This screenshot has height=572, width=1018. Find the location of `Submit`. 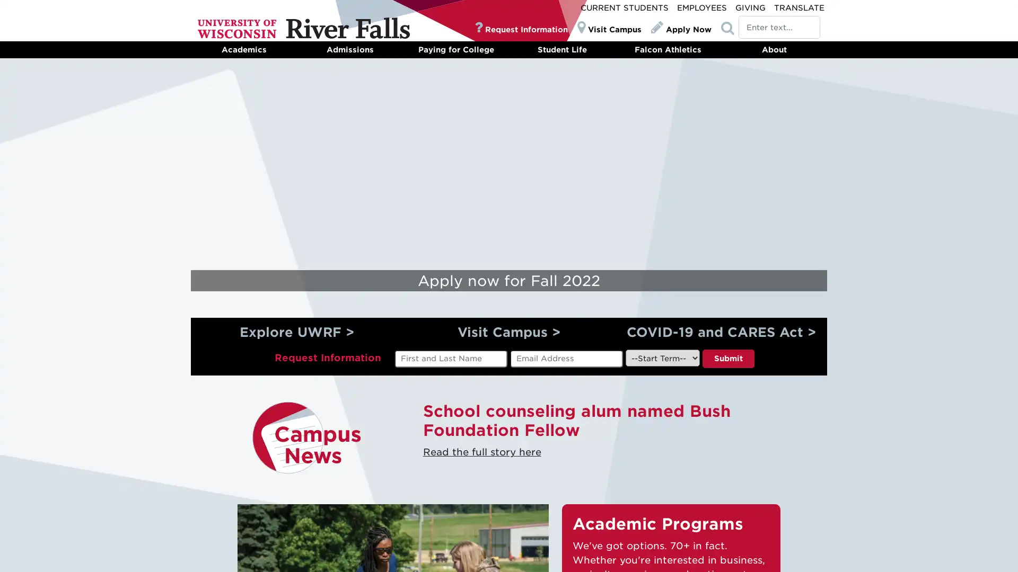

Submit is located at coordinates (727, 358).